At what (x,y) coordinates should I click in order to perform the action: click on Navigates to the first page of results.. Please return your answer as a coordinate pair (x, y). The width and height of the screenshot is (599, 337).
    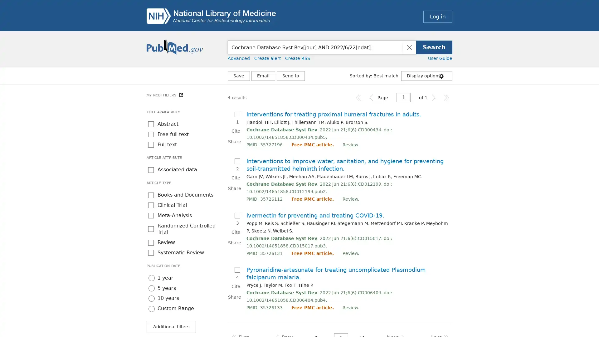
    Looking at the image, I should click on (359, 97).